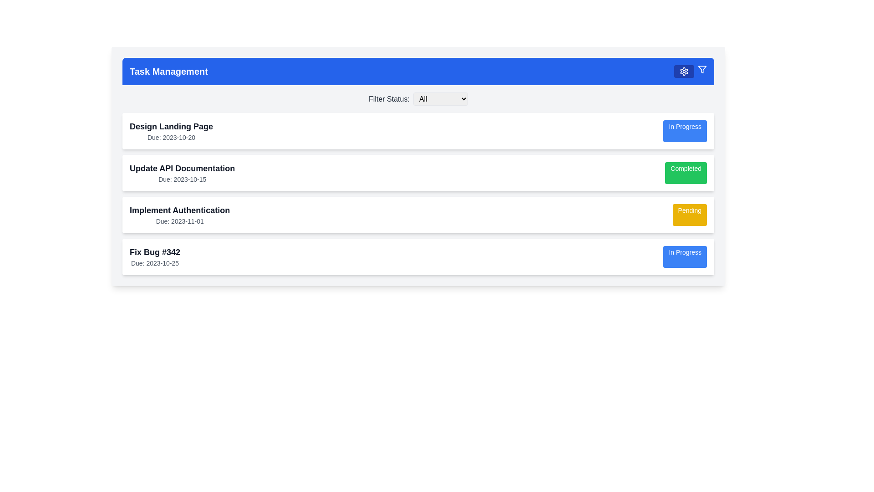 This screenshot has height=492, width=874. I want to click on text displayed in the 'Update API Documentation' label, which is a large, bold, dark gray text located near the top-center of the task management interface, so click(182, 169).